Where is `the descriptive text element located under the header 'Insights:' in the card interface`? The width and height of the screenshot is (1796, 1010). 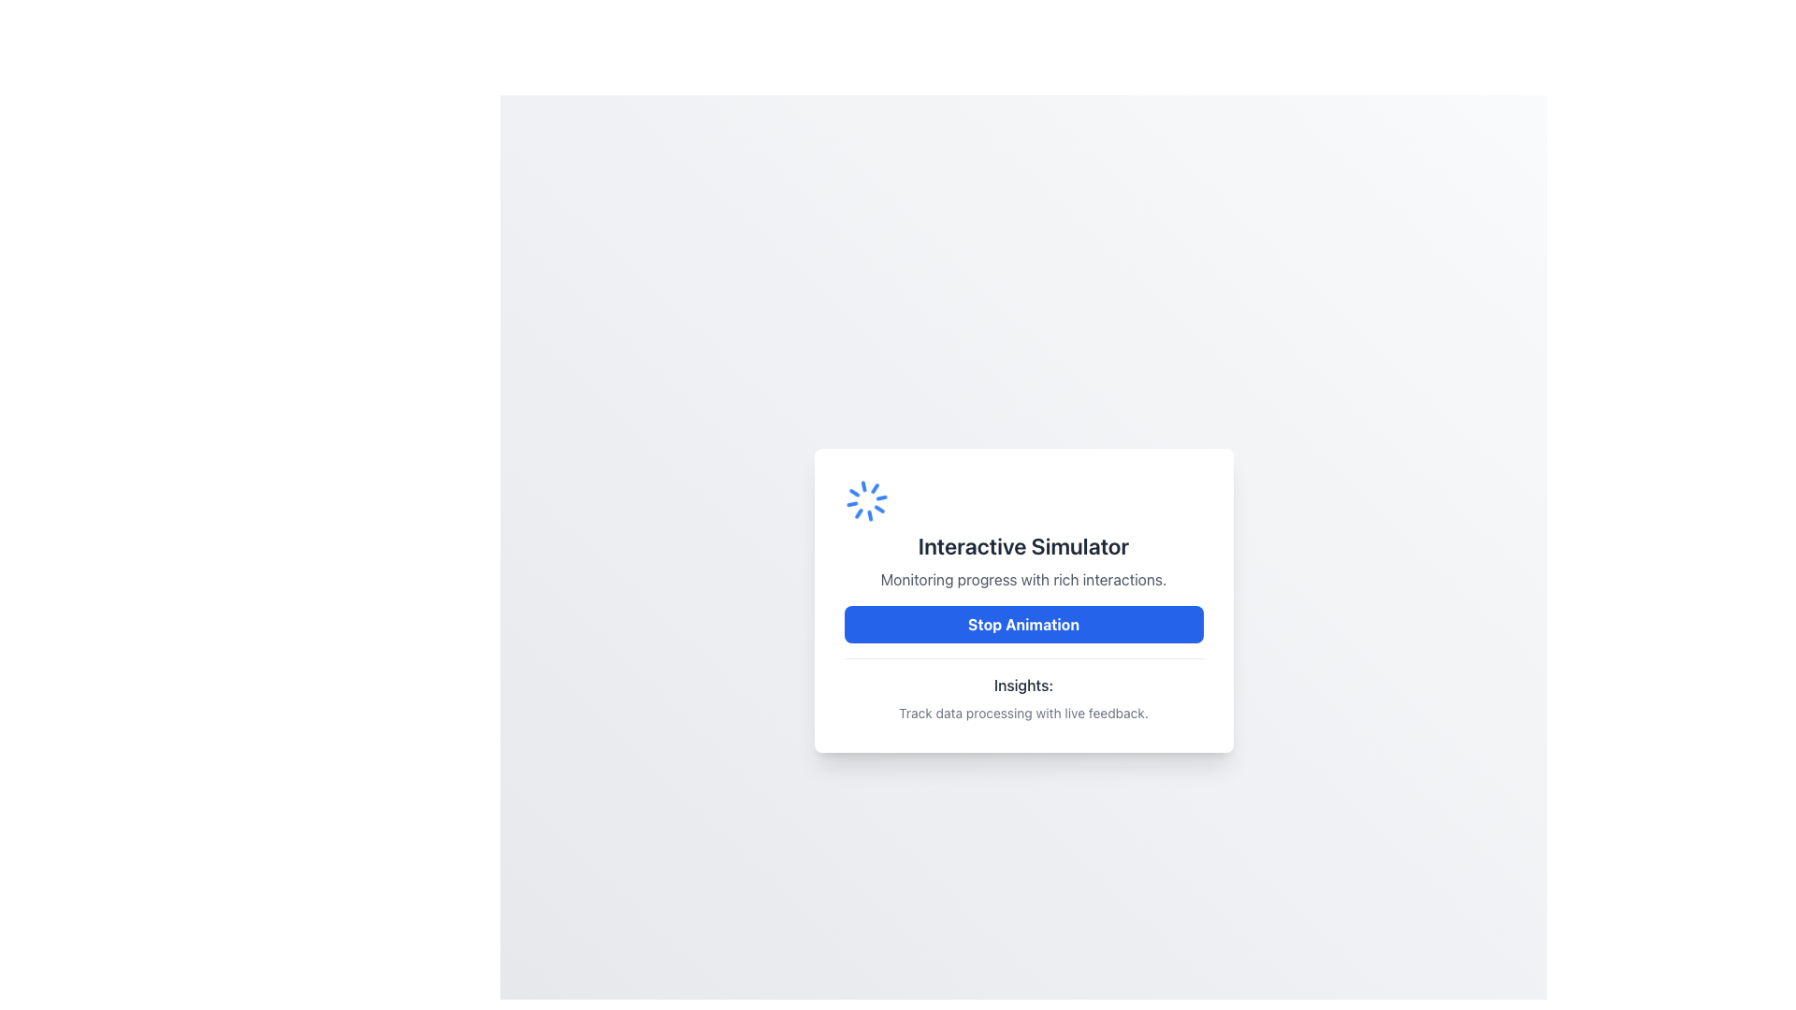
the descriptive text element located under the header 'Insights:' in the card interface is located at coordinates (1022, 713).